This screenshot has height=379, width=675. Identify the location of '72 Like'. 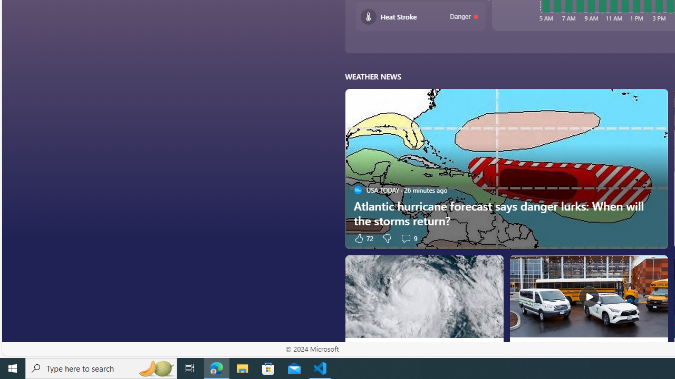
(363, 238).